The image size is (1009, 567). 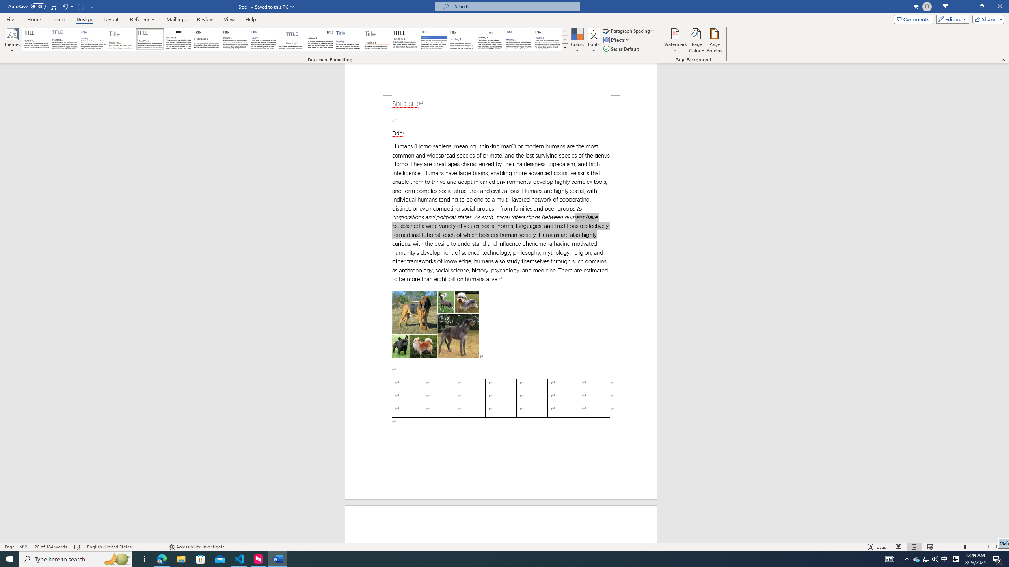 I want to click on 'Page Number Page 1 of 2', so click(x=16, y=547).